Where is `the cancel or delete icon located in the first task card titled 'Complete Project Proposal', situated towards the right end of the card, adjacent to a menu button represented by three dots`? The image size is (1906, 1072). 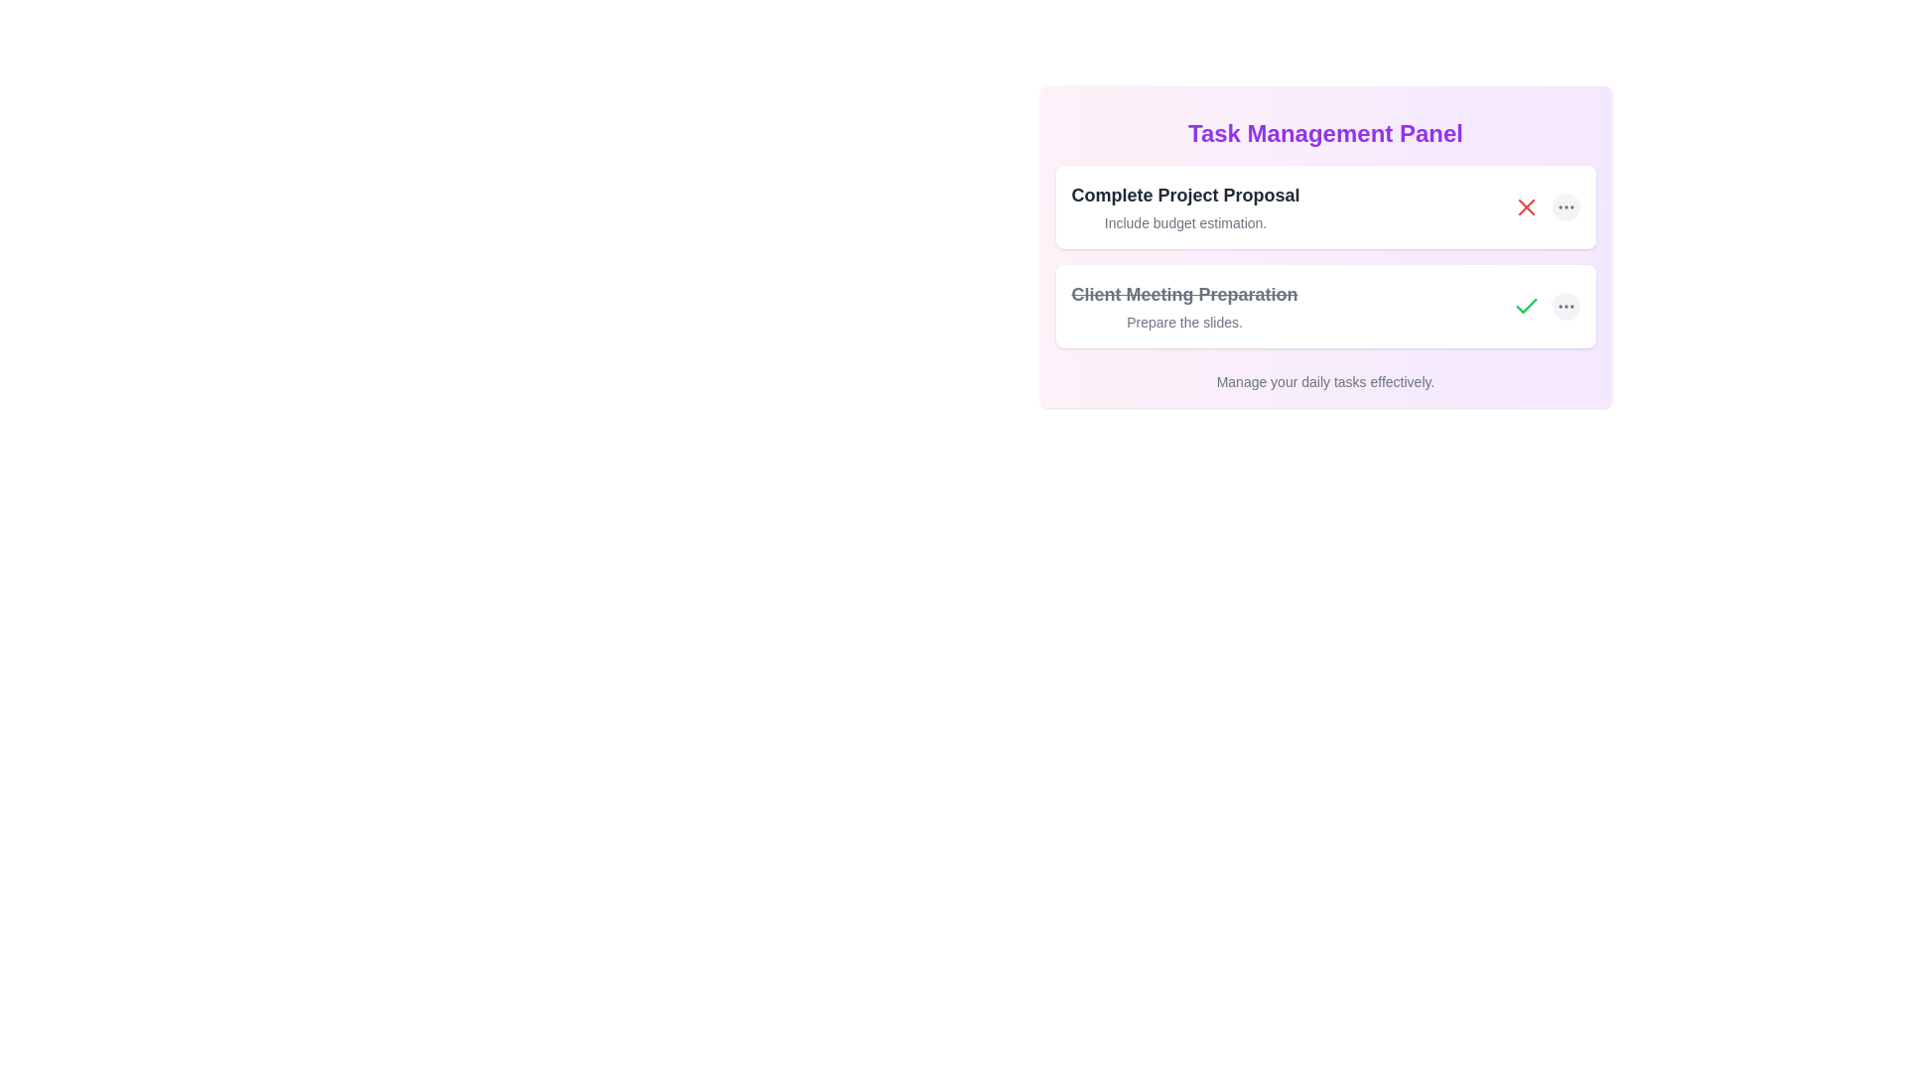
the cancel or delete icon located in the first task card titled 'Complete Project Proposal', situated towards the right end of the card, adjacent to a menu button represented by three dots is located at coordinates (1525, 206).